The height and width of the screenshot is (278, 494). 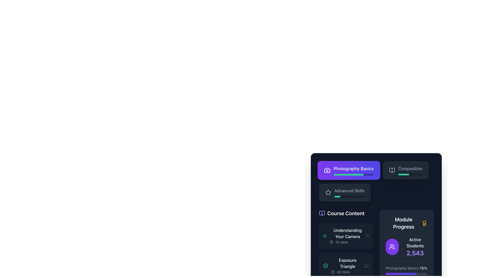 What do you see at coordinates (401, 274) in the screenshot?
I see `the Progress Indicator (Progress Bar Segment) that visually indicates 75% completion for the 'Photography Basics' module located in the 'Module Progress' section` at bounding box center [401, 274].